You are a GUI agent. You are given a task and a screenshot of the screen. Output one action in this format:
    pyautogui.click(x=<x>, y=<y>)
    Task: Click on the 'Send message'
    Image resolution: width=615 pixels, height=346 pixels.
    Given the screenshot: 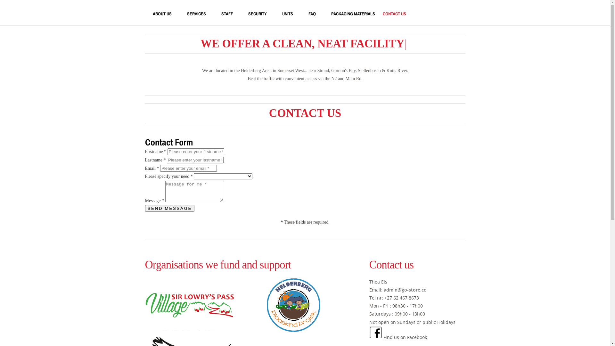 What is the action you would take?
    pyautogui.click(x=169, y=208)
    